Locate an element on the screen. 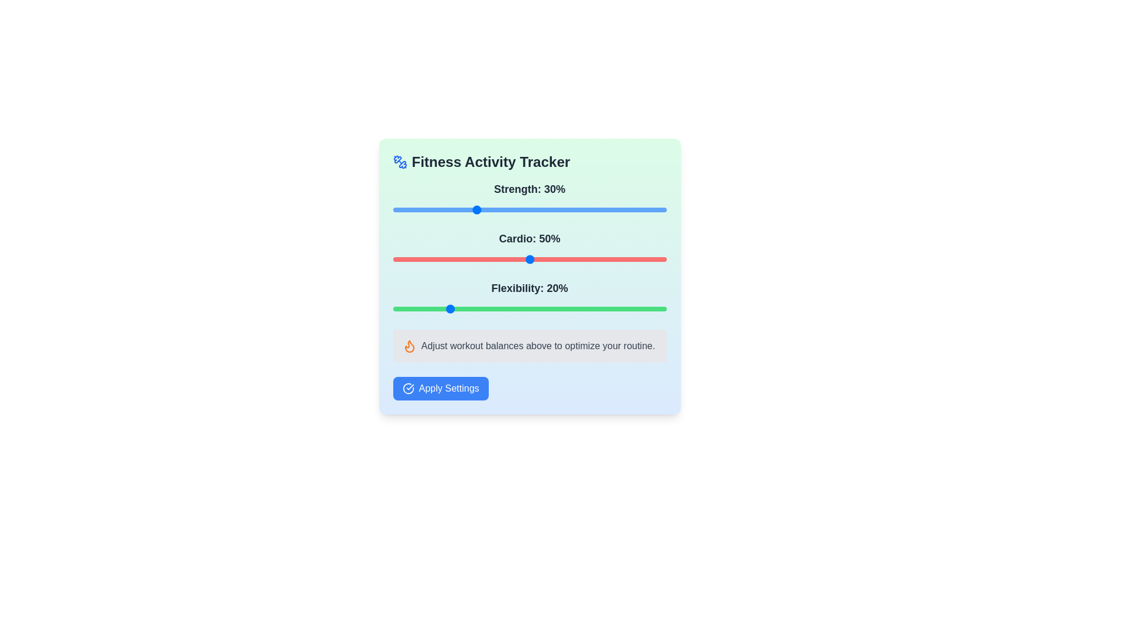 The image size is (1132, 637). the vibrant red range slider bar located below the 'Cardio: 50%' label to set a specific value is located at coordinates (529, 258).